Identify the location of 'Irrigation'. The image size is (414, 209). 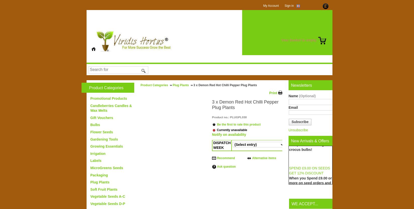
(98, 153).